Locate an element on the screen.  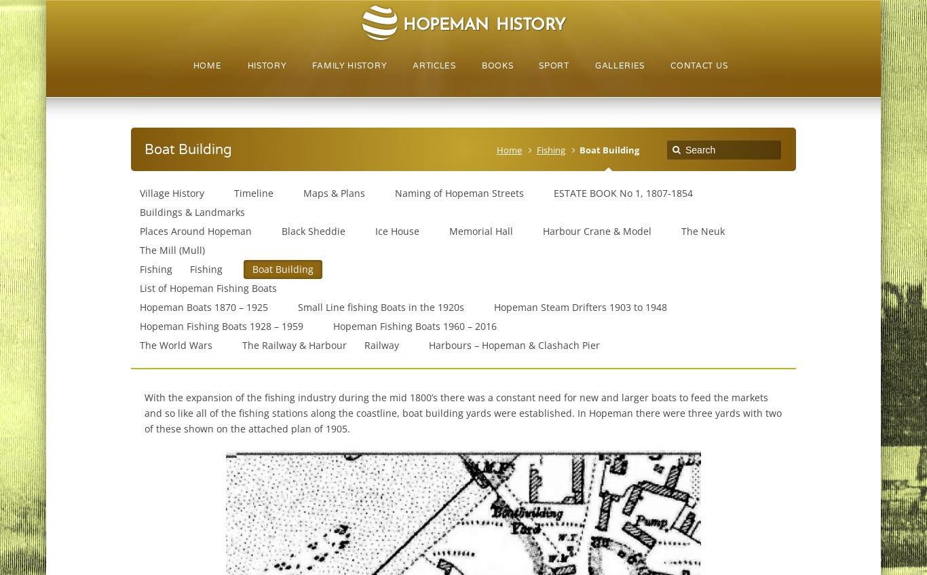
'Contact Us' is located at coordinates (698, 66).